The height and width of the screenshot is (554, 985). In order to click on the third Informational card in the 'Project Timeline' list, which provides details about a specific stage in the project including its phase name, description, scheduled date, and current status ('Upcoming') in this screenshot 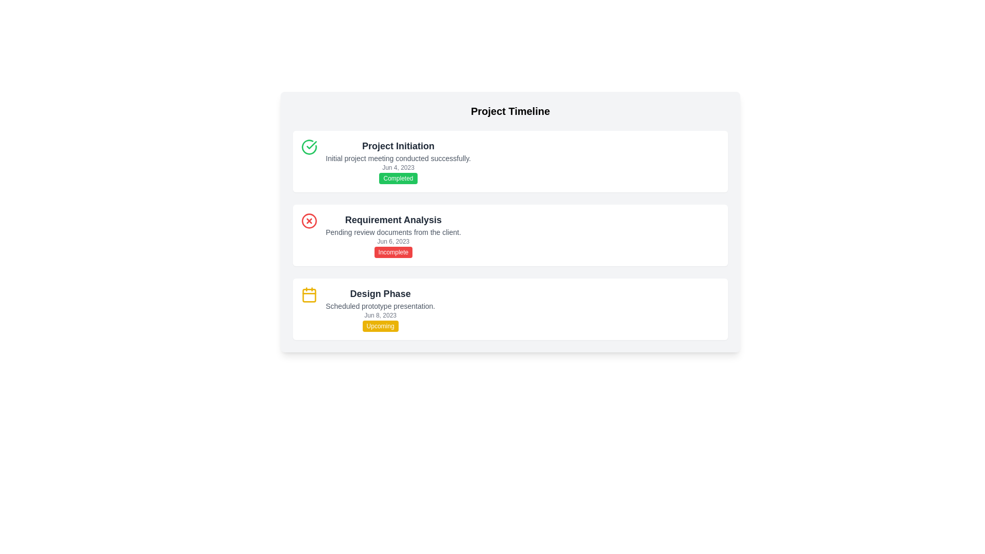, I will do `click(380, 308)`.